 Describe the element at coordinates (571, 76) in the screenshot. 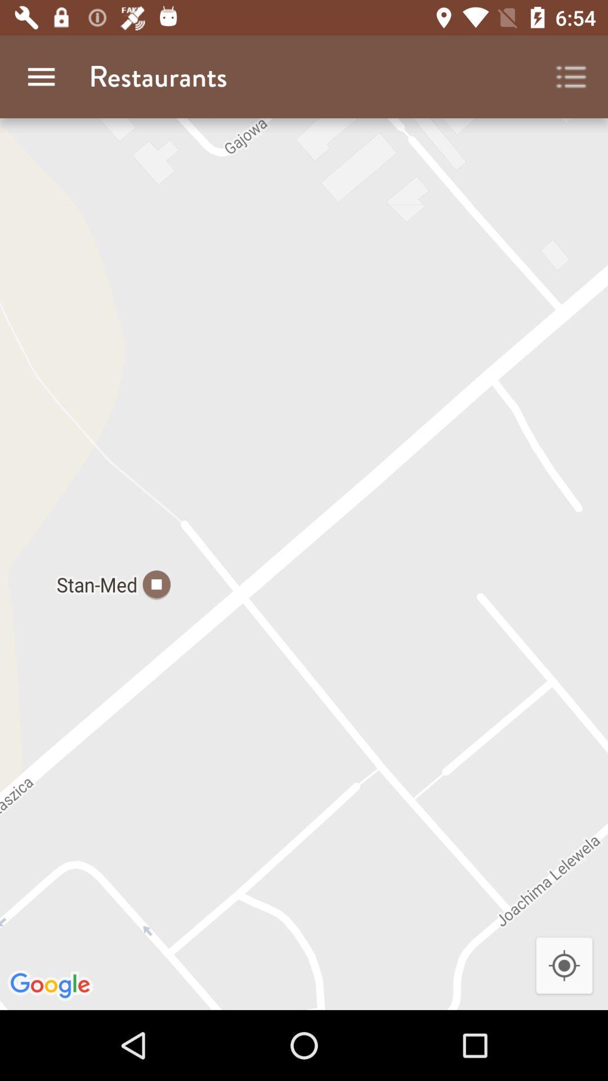

I see `the app to the right of the restaurants item` at that location.